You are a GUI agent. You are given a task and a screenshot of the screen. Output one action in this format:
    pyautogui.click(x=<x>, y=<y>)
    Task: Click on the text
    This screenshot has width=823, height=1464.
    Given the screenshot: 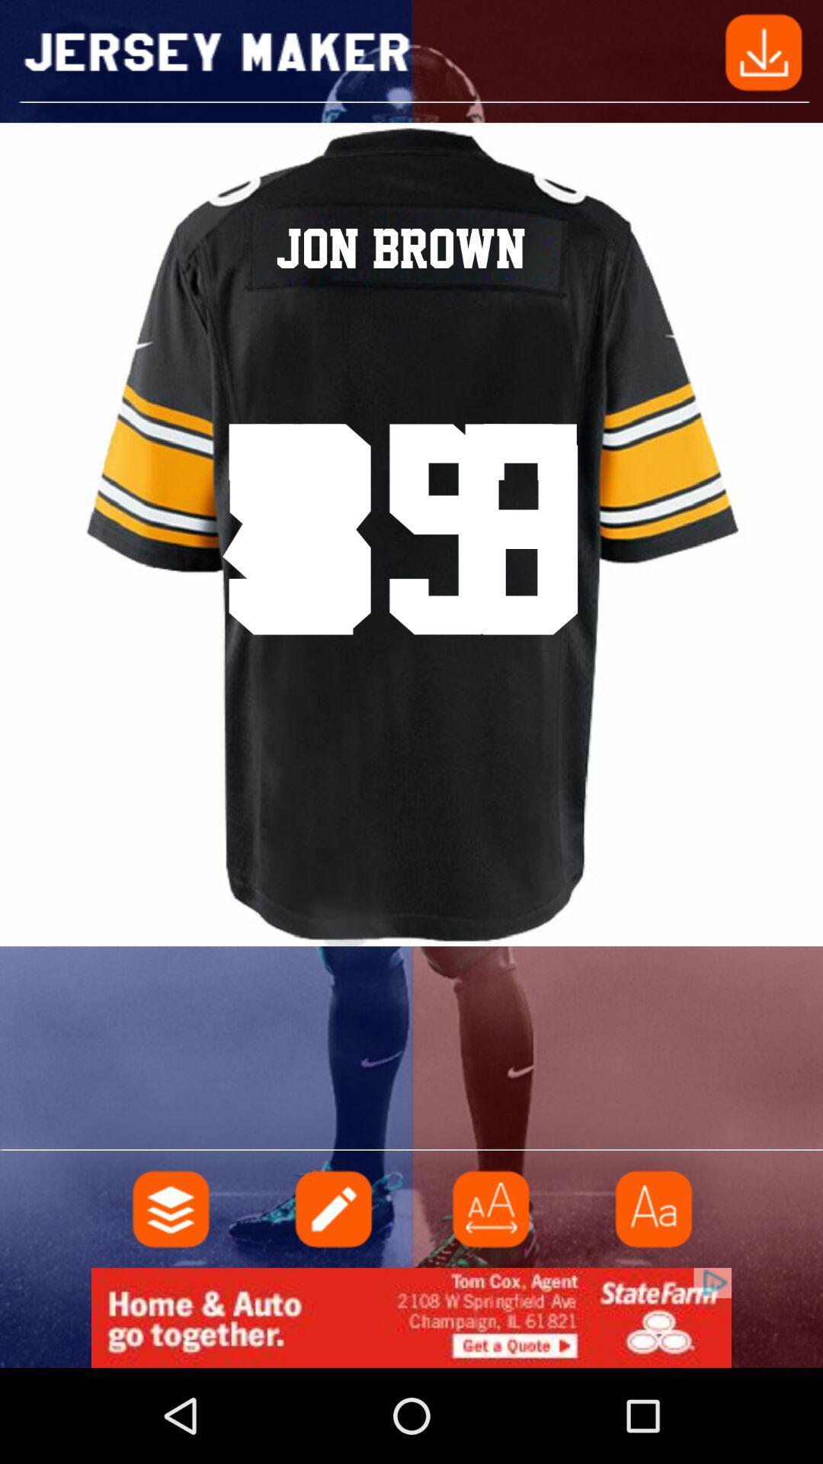 What is the action you would take?
    pyautogui.click(x=331, y=1208)
    